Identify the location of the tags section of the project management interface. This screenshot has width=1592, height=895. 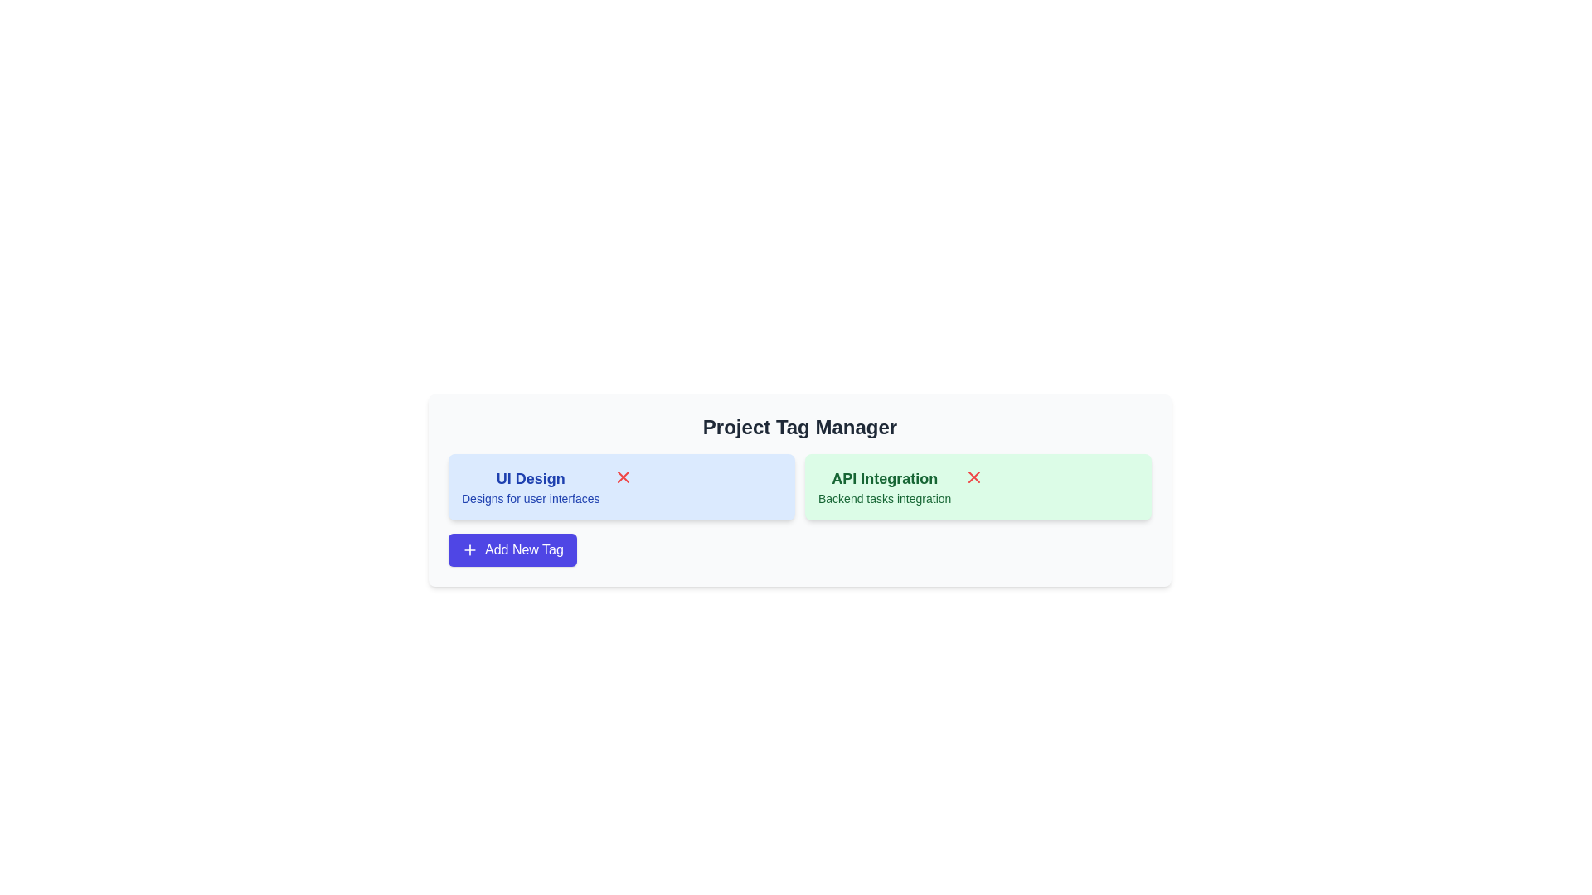
(799, 489).